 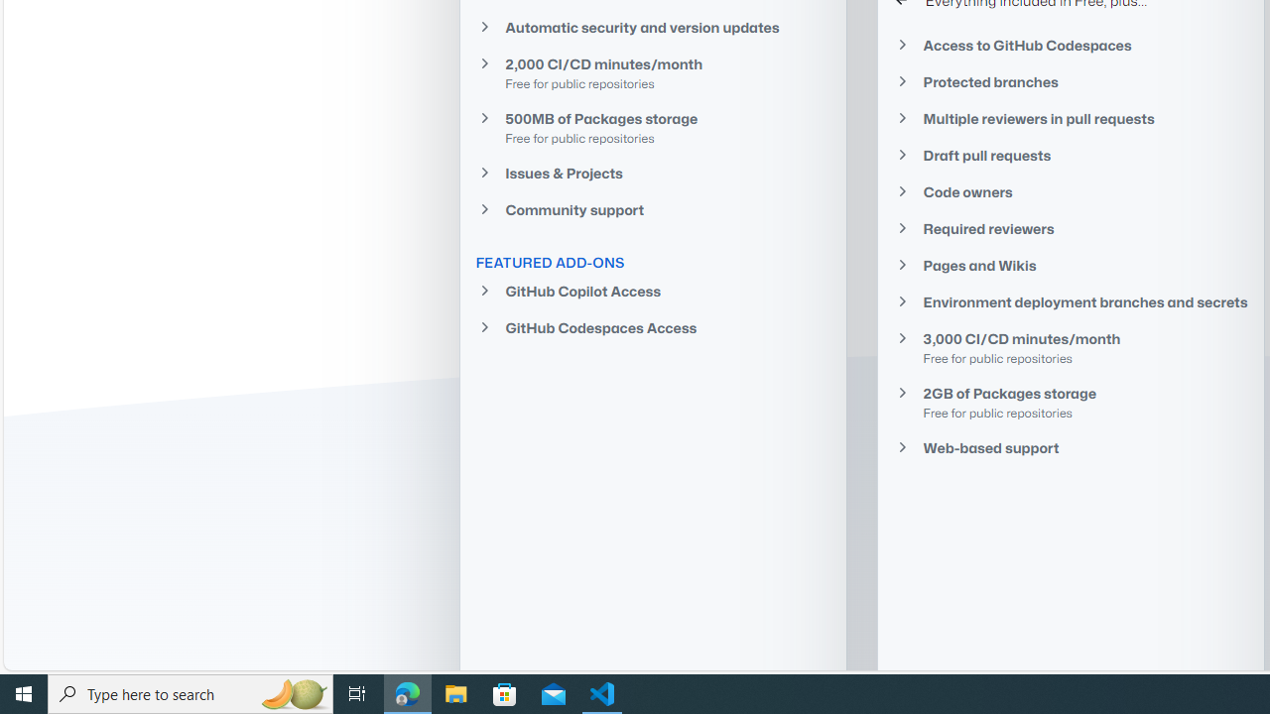 I want to click on 'Automatic security and version updates', so click(x=652, y=27).